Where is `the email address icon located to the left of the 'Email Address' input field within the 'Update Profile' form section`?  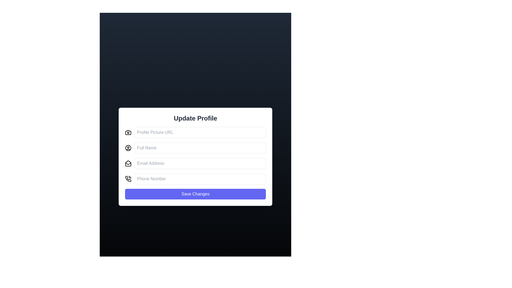
the email address icon located to the left of the 'Email Address' input field within the 'Update Profile' form section is located at coordinates (128, 163).